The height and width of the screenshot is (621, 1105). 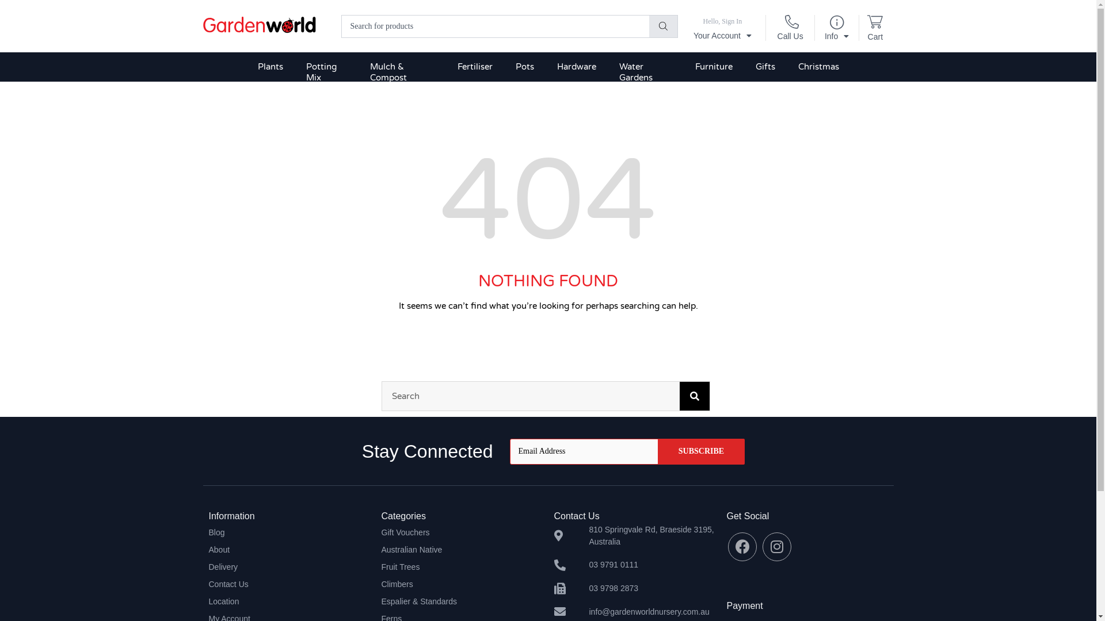 What do you see at coordinates (701, 451) in the screenshot?
I see `'SUBSCRIBE'` at bounding box center [701, 451].